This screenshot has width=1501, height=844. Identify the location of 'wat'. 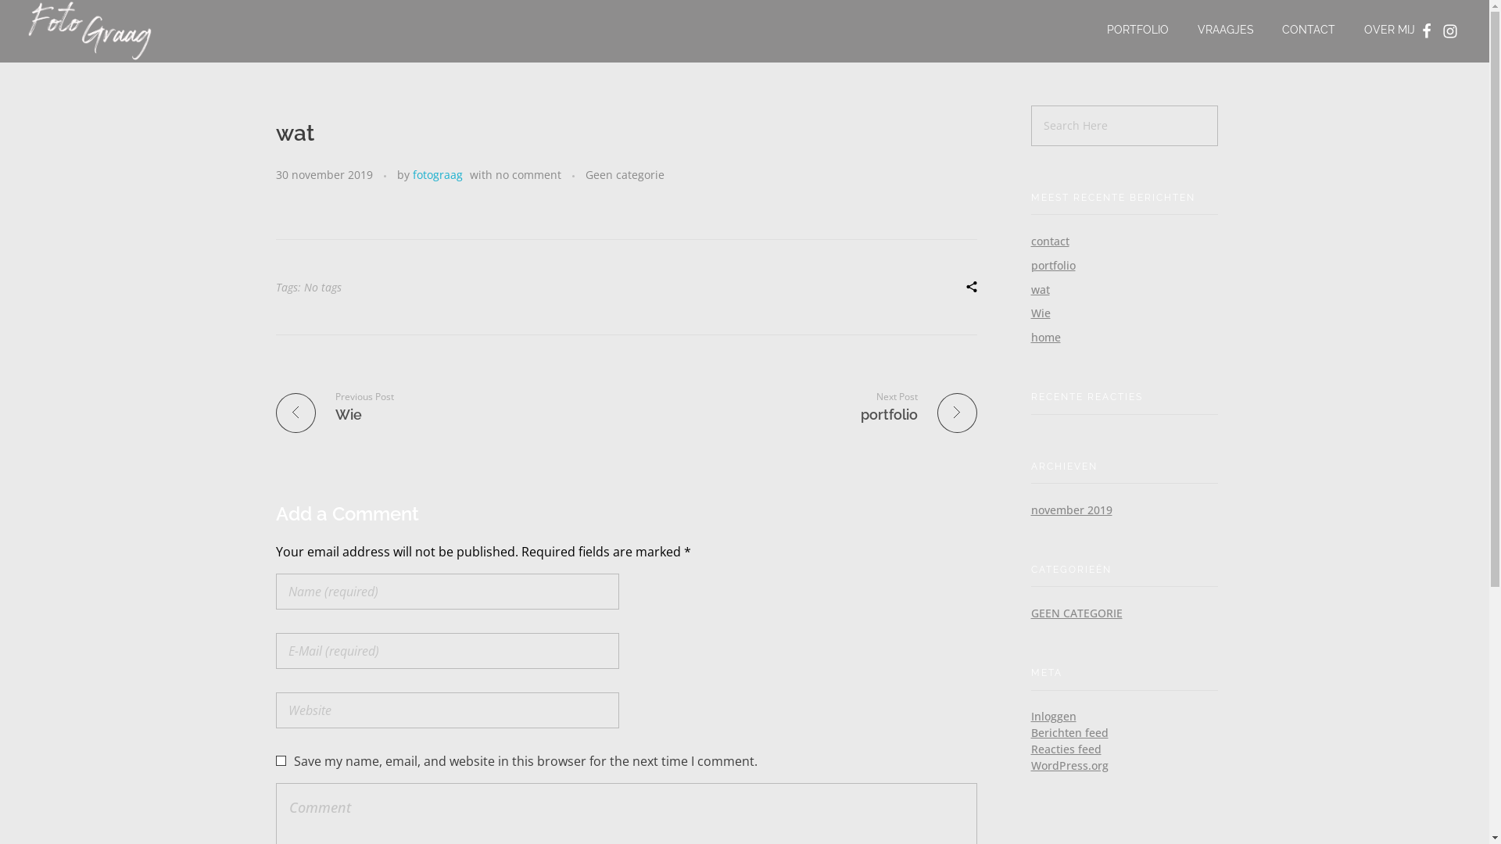
(1039, 288).